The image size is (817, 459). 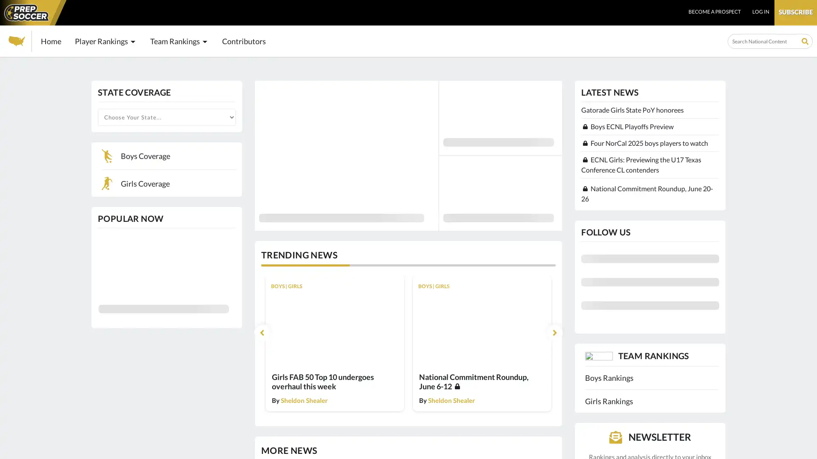 What do you see at coordinates (261, 332) in the screenshot?
I see `Previous` at bounding box center [261, 332].